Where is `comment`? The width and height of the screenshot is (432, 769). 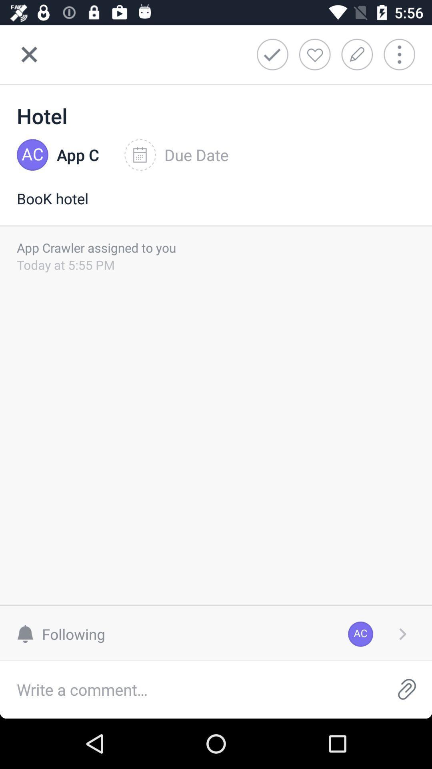
comment is located at coordinates (191, 689).